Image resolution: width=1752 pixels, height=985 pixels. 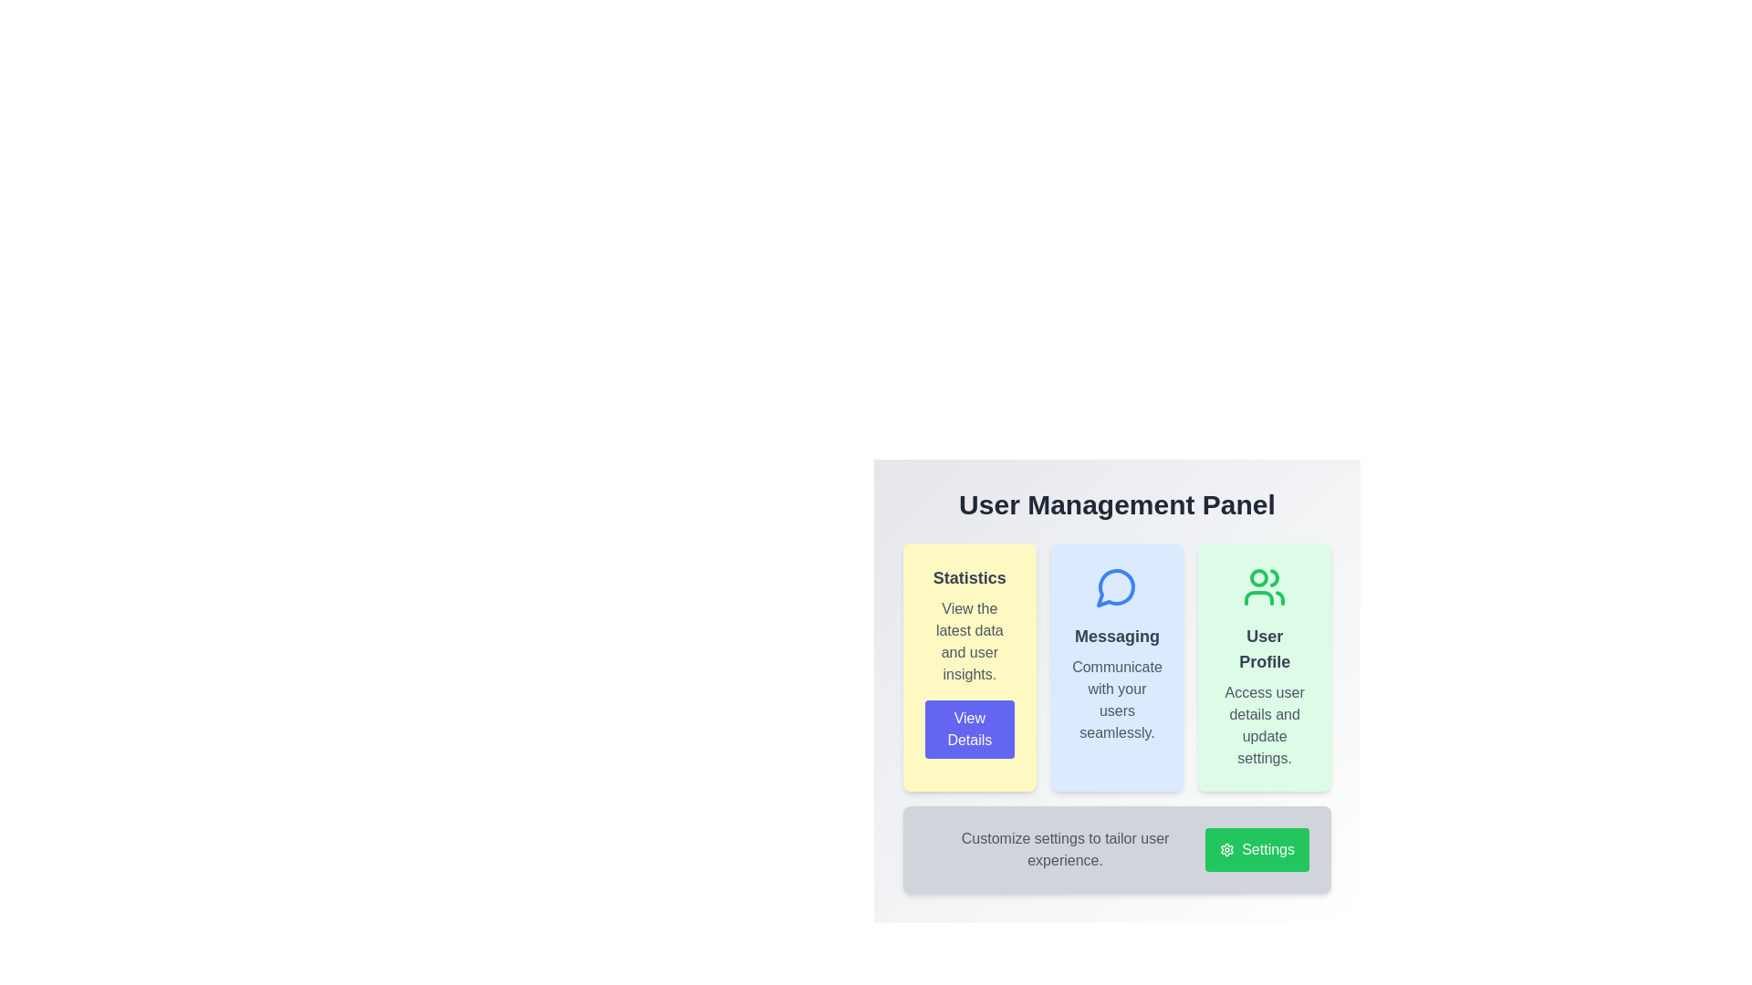 I want to click on the Informational Card located in the third column of the grid layout, which provides access to user profiles and settings, positioned above the 'Settings' section, so click(x=1264, y=668).